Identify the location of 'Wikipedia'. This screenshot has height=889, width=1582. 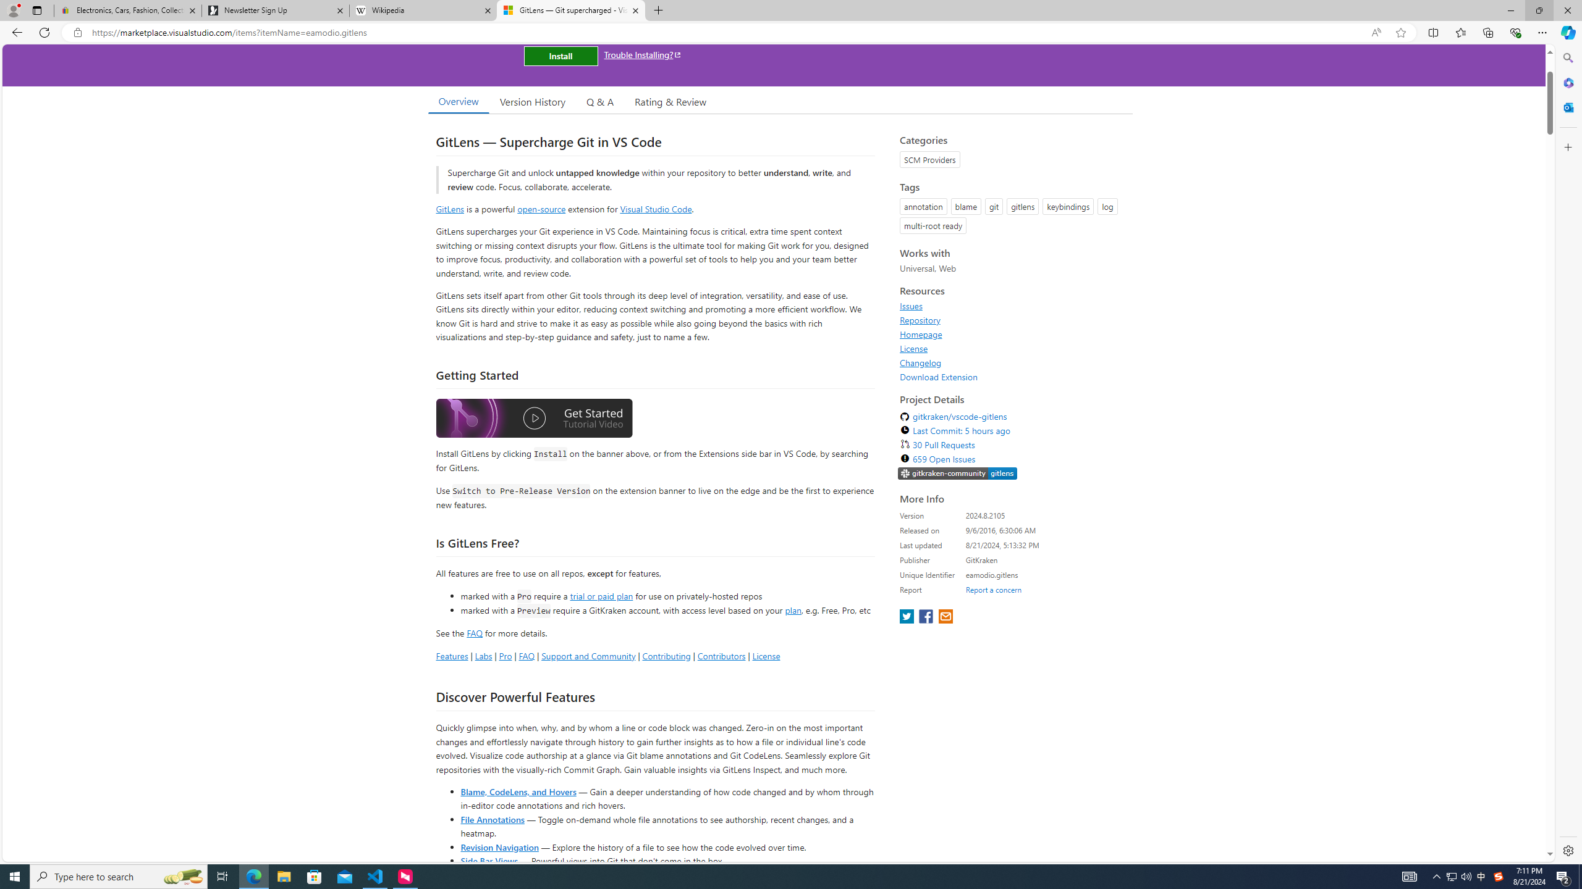
(423, 10).